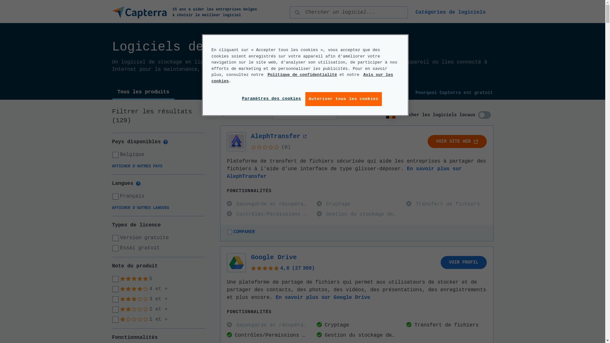 Image resolution: width=610 pixels, height=343 pixels. I want to click on 'AlephTransfer', so click(279, 136).